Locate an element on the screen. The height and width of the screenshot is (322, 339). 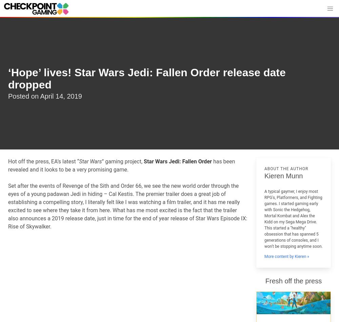
'‘Hope’ lives! Star Wars Jedi: Fallen Order release date dropped' is located at coordinates (8, 78).